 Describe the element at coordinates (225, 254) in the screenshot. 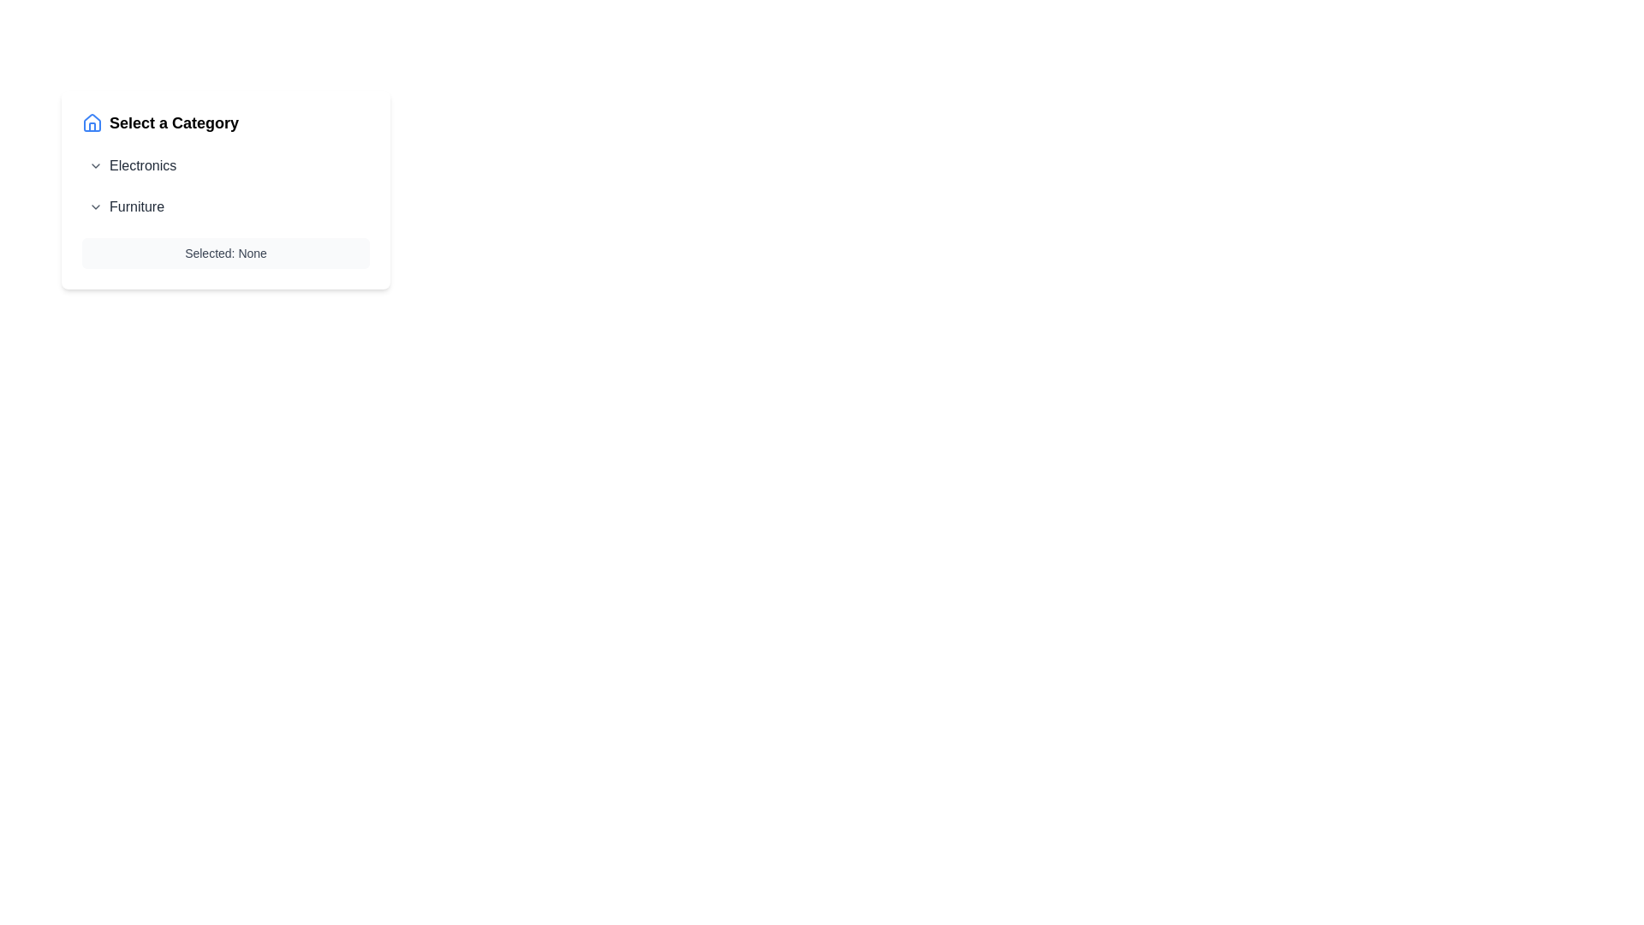

I see `the Text label that indicates no category has been selected, located at the bottom of the 'Select a Category' section` at that location.